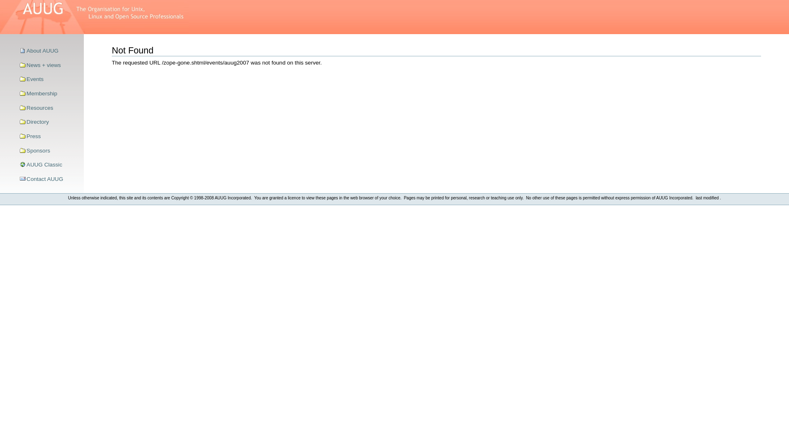  What do you see at coordinates (48, 150) in the screenshot?
I see `'Sponsors'` at bounding box center [48, 150].